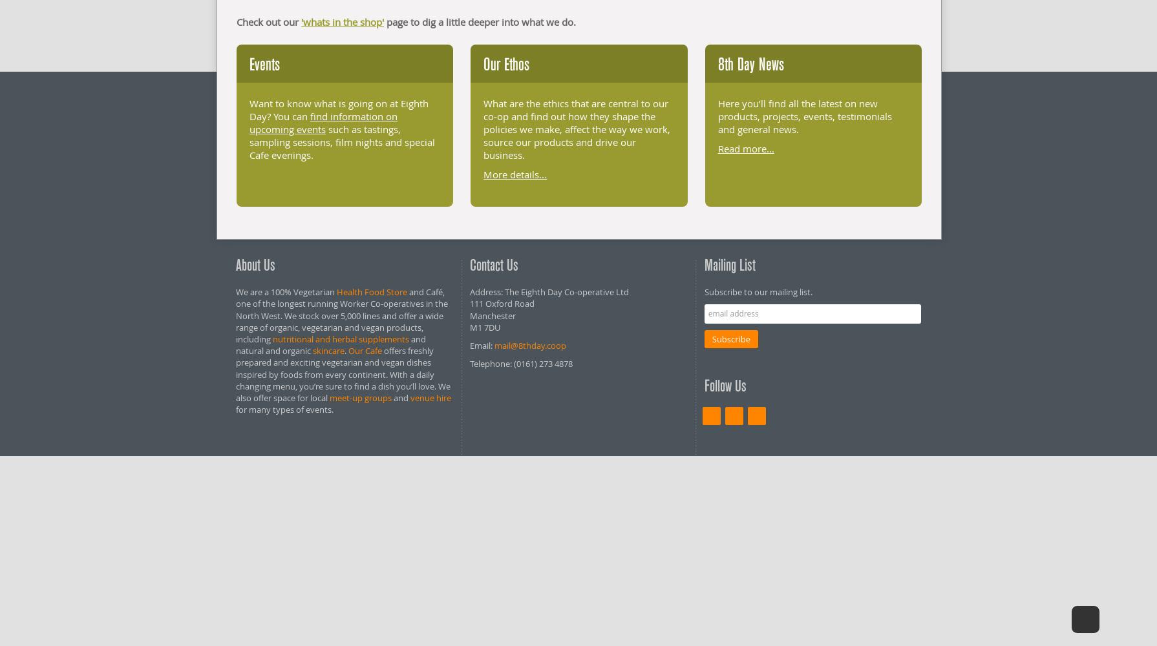 This screenshot has height=646, width=1157. What do you see at coordinates (483, 174) in the screenshot?
I see `'More details...'` at bounding box center [483, 174].